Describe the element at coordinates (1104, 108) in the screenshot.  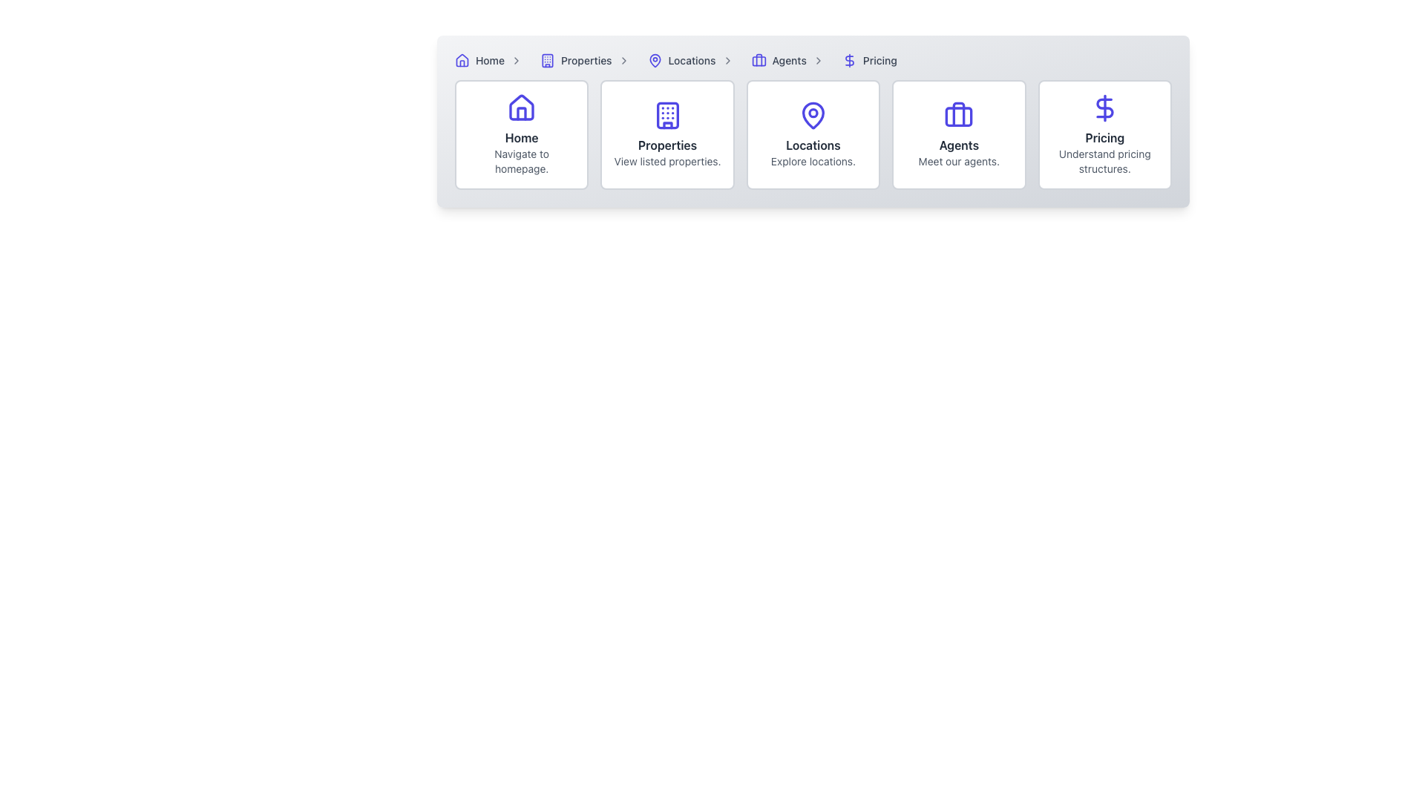
I see `the purple dollar sign icon located at the top of the 'Pricing' card, which is the last card in a row, above the text 'Pricing' and the description 'Understand pricing structures.'` at that location.